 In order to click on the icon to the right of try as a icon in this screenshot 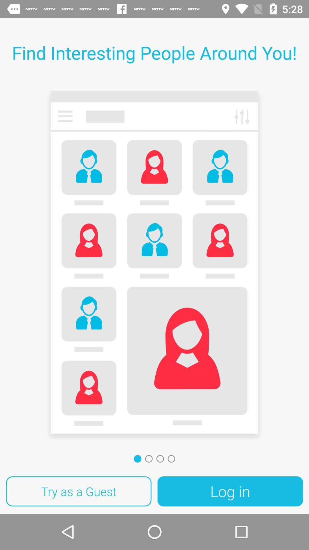, I will do `click(230, 491)`.